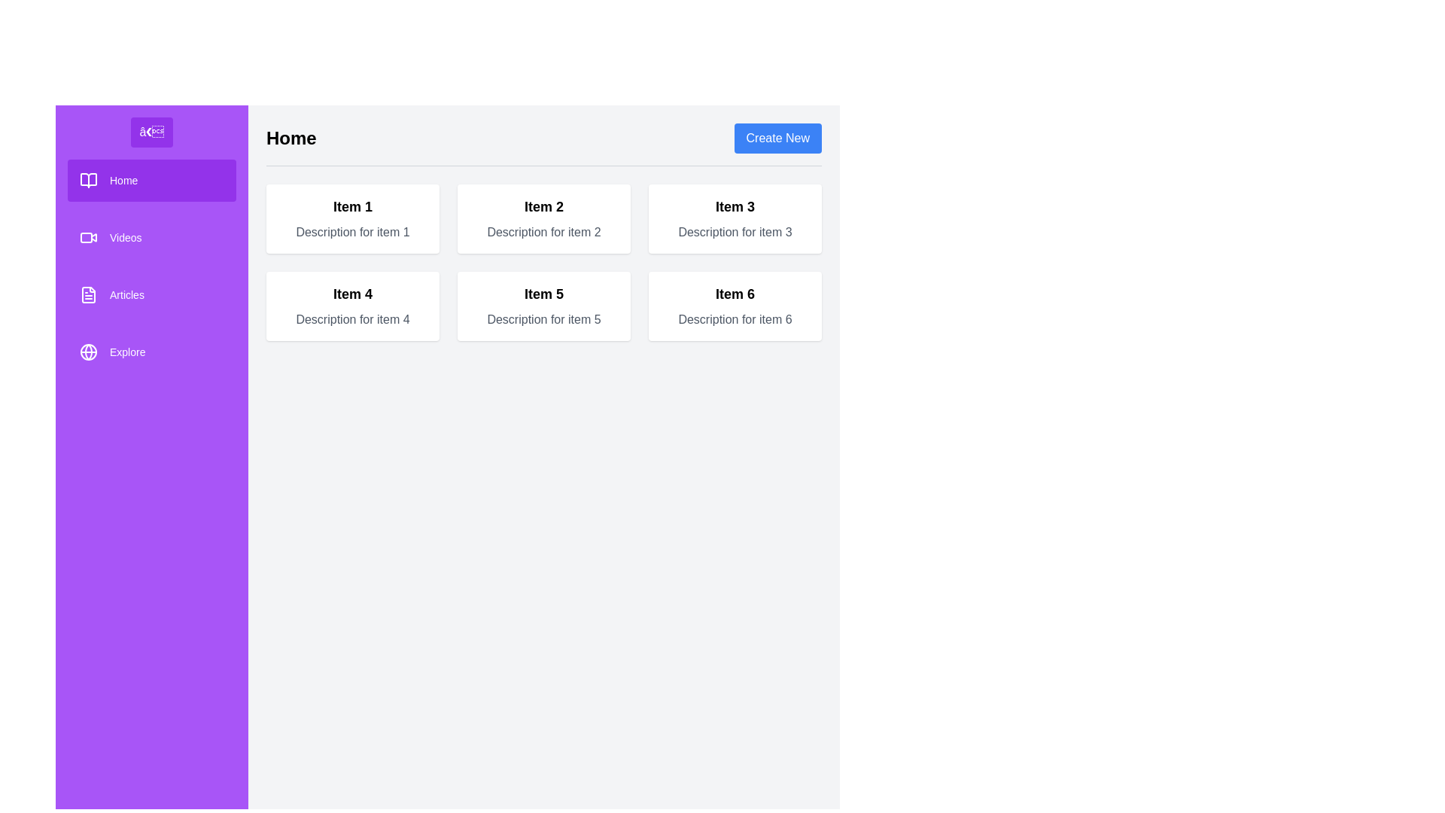 The image size is (1445, 813). What do you see at coordinates (735, 232) in the screenshot?
I see `the descriptive text label for 'Item 3' located within the content card in the top row, third column of the grid` at bounding box center [735, 232].